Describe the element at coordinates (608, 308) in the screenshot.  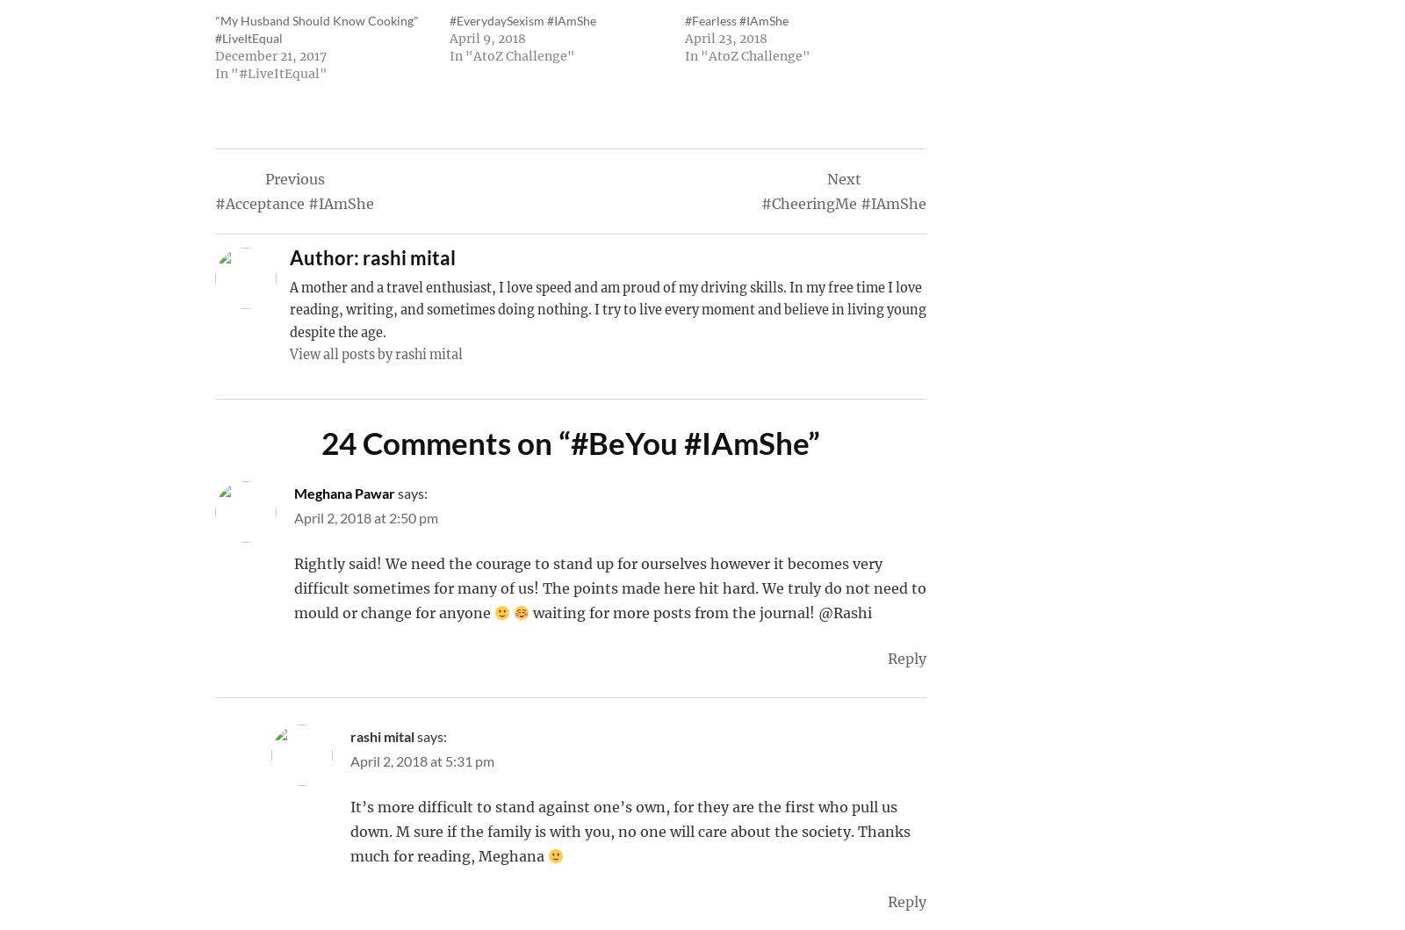
I see `'A mother and a travel enthusiast, I love speed and am proud of my driving skills. In my free time I love reading, writing, and sometimes doing nothing. I try to live every moment and believe in living young despite the age.'` at that location.